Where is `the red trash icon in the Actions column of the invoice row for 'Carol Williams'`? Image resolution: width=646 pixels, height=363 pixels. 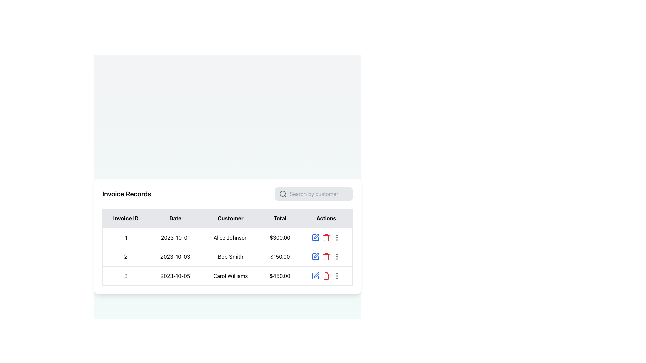 the red trash icon in the Actions column of the invoice row for 'Carol Williams' is located at coordinates (326, 276).